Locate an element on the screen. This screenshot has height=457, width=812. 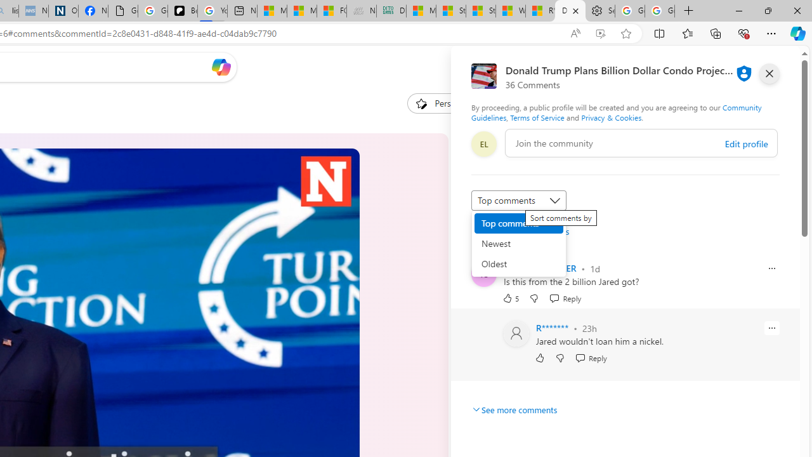
'Profile Picture' is located at coordinates (516, 333).